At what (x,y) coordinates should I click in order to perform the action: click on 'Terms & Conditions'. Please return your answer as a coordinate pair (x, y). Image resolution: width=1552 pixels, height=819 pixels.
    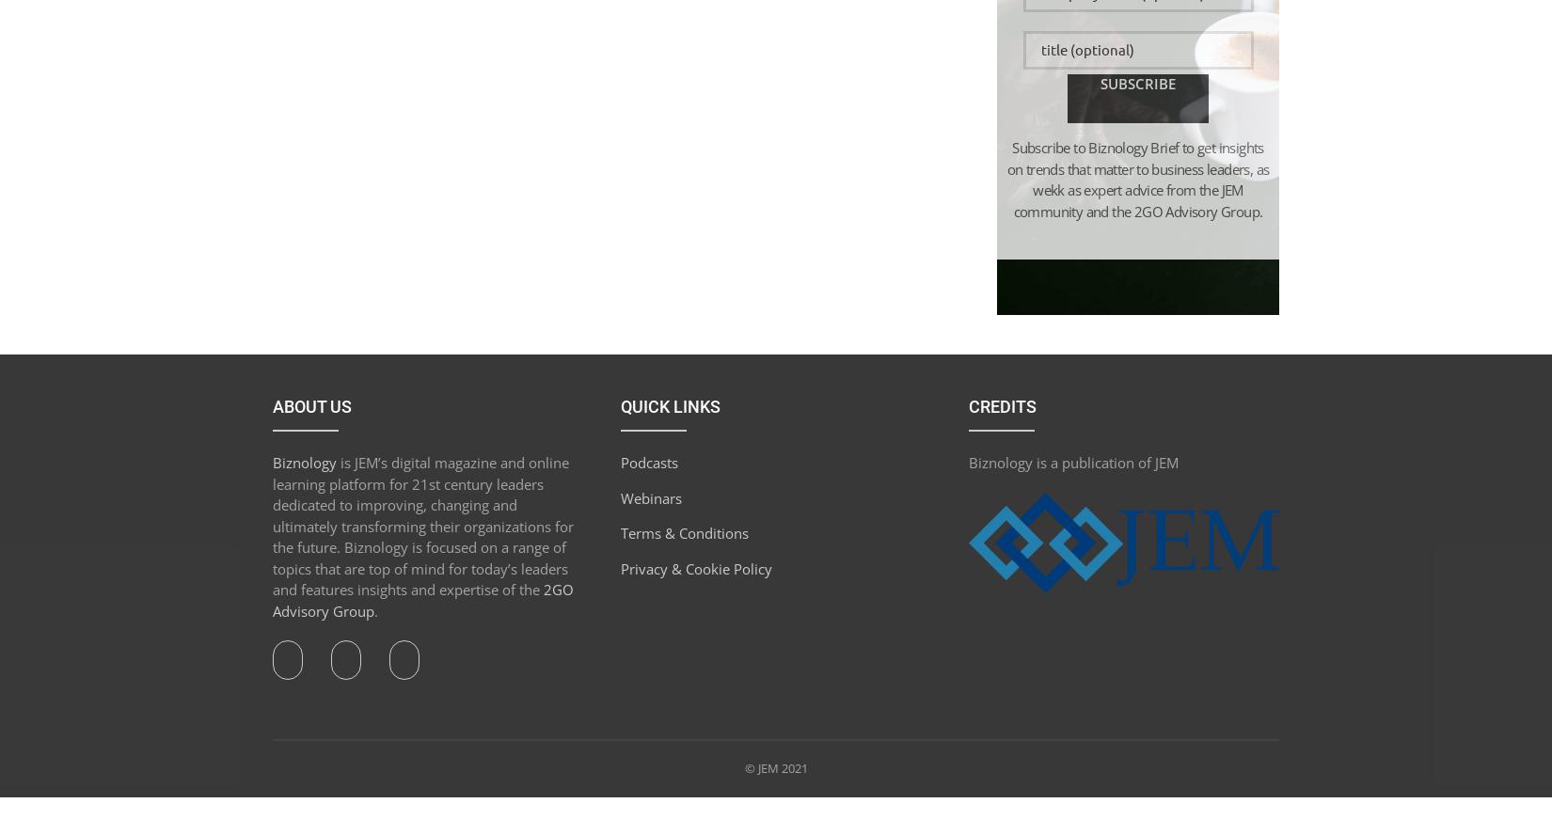
    Looking at the image, I should click on (619, 533).